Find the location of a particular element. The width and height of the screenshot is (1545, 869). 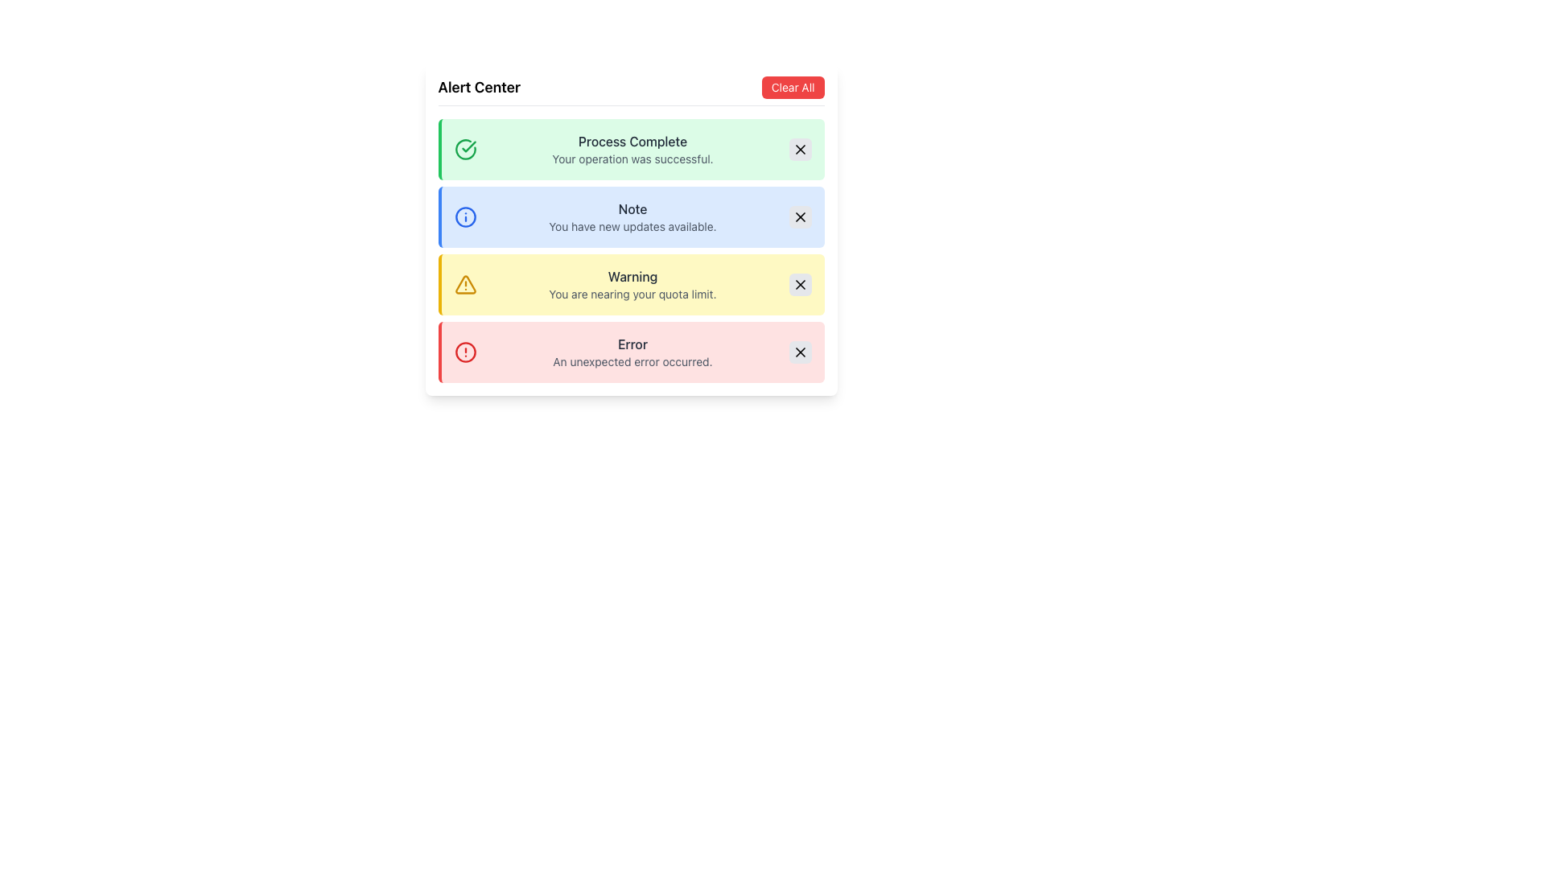

blue circular information icon located to the left of the 'Note' text in the second alert entry to understand its alert type is located at coordinates (464, 217).